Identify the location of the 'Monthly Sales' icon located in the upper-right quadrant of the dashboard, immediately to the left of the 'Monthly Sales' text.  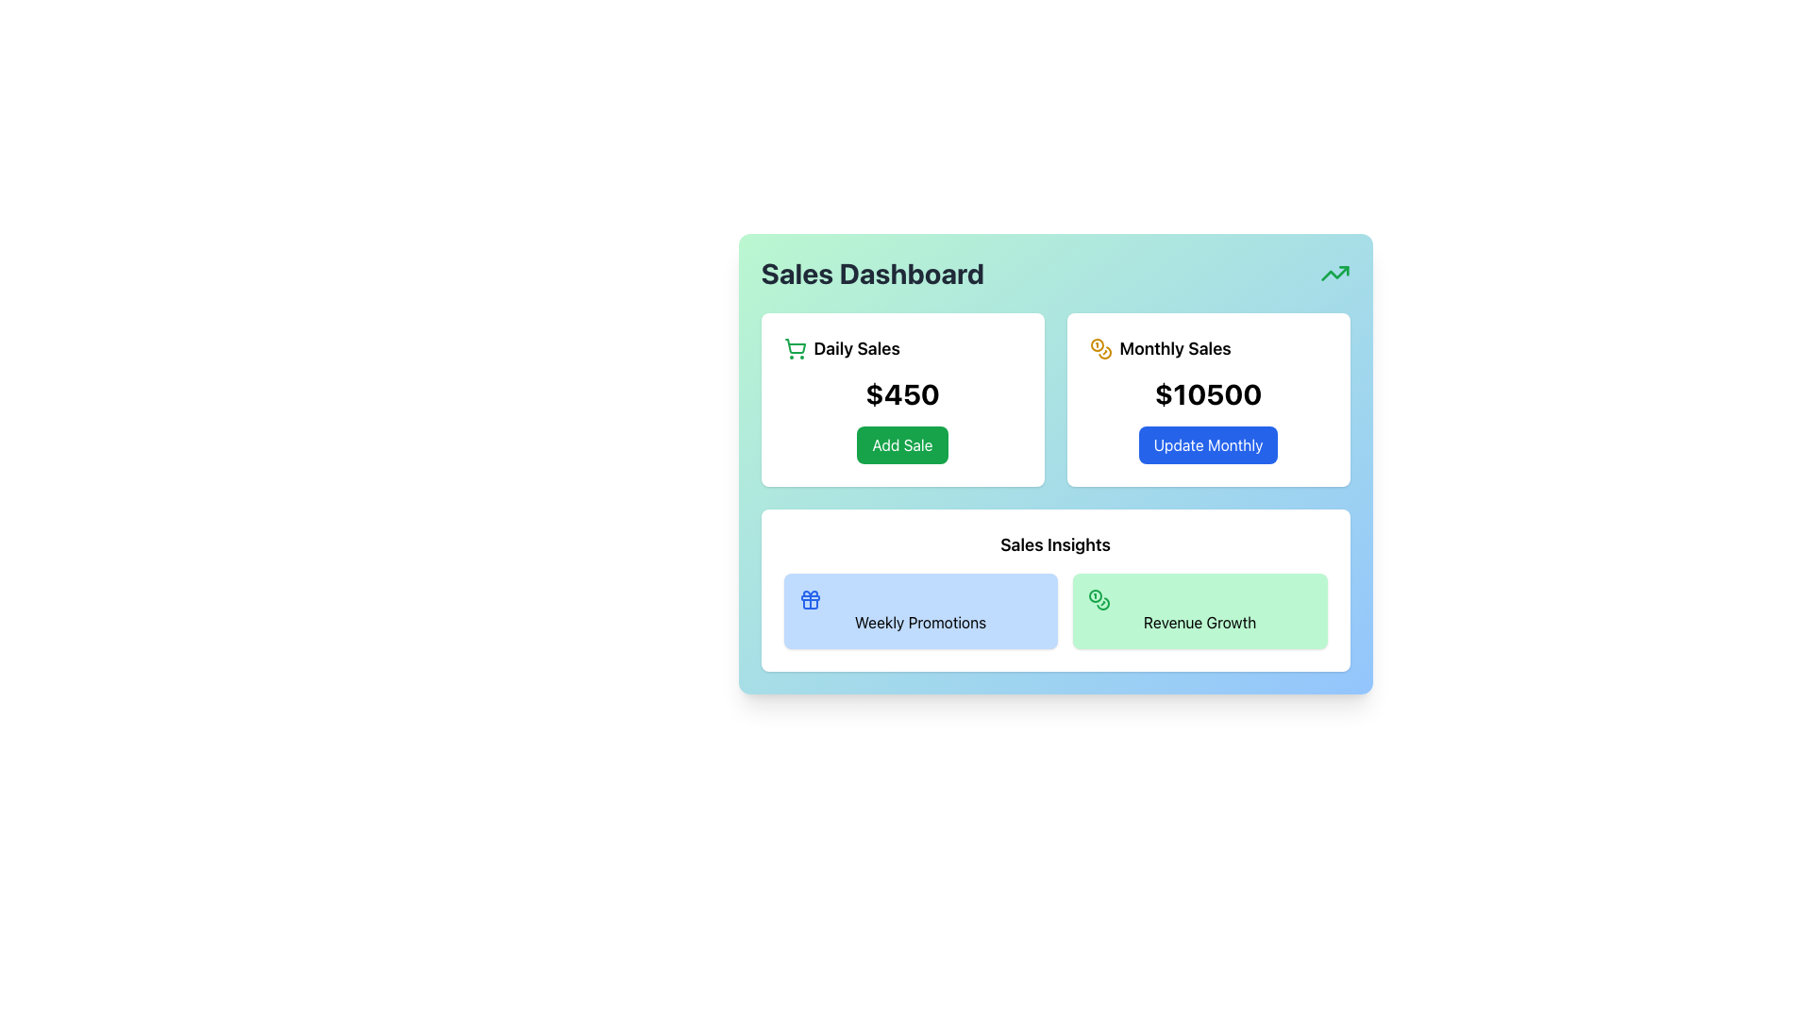
(1100, 349).